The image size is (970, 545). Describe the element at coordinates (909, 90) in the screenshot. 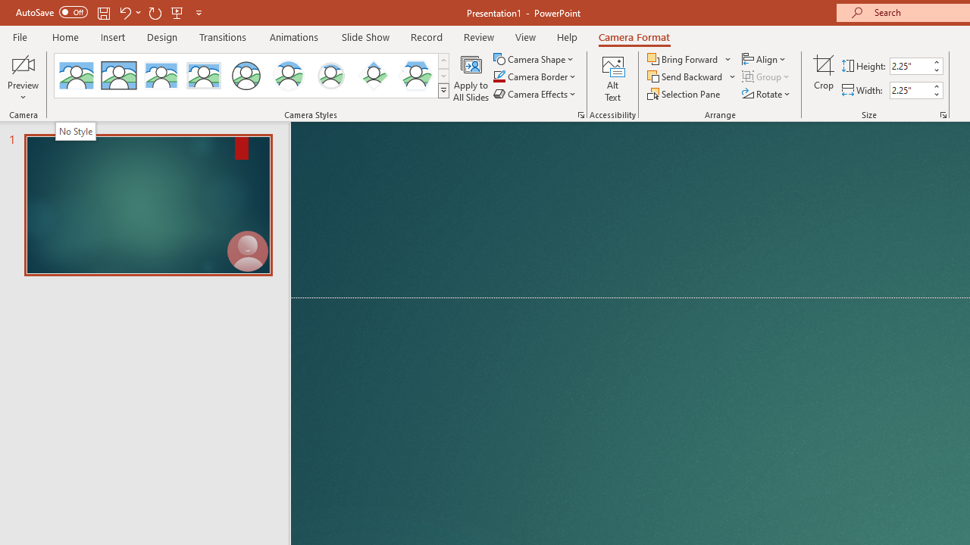

I see `'Cameo Width'` at that location.